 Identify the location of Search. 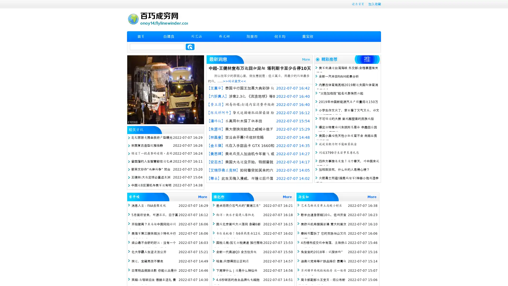
(190, 47).